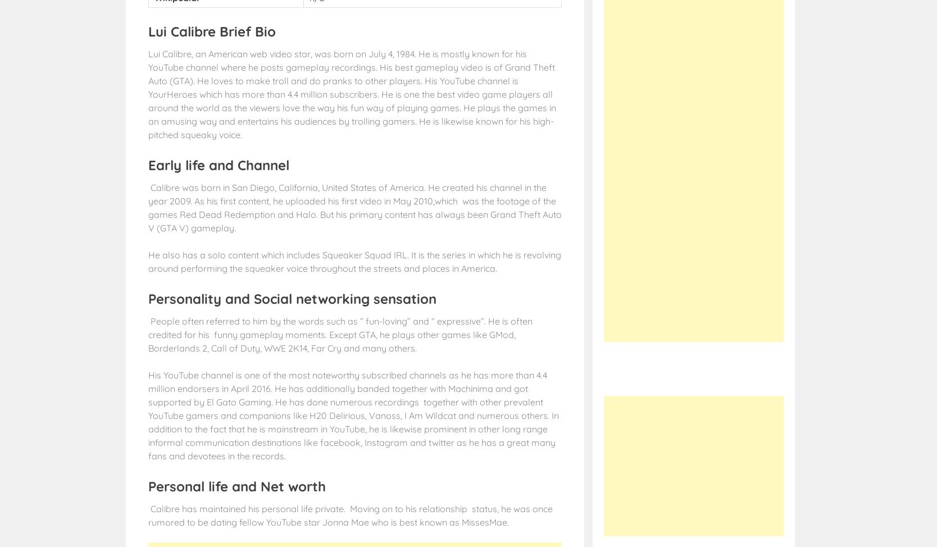 The width and height of the screenshot is (937, 547). I want to click on 'He also has a solo content which includes Squeaker Squad IRL. It is the series in which he is revolving around performing the squeaker voice throughout the streets and places in America.', so click(148, 260).